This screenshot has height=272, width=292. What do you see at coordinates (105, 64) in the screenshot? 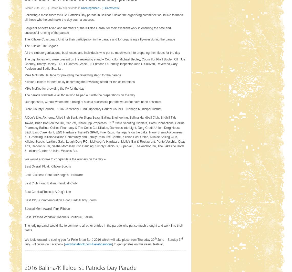
I see `'The dignitories who were present on the reviewing stand – Councillor Michael Begley, Councillor Phyll Bugler, Cllr. Joe Cooney, Timmy Dooley T.D., Fr. James Grace, Fr. Edmond O’Rahelly, Inspector John O’Sullivan, Reverend Gary Paulsen and Sadie Scanlan.'` at bounding box center [105, 64].